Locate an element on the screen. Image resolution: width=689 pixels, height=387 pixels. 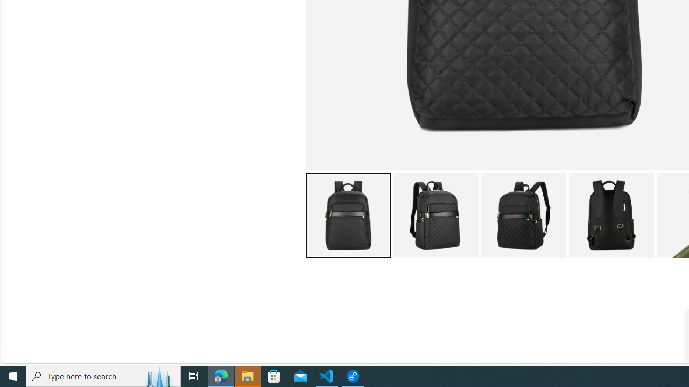
'Microsoft Store' is located at coordinates (274, 375).